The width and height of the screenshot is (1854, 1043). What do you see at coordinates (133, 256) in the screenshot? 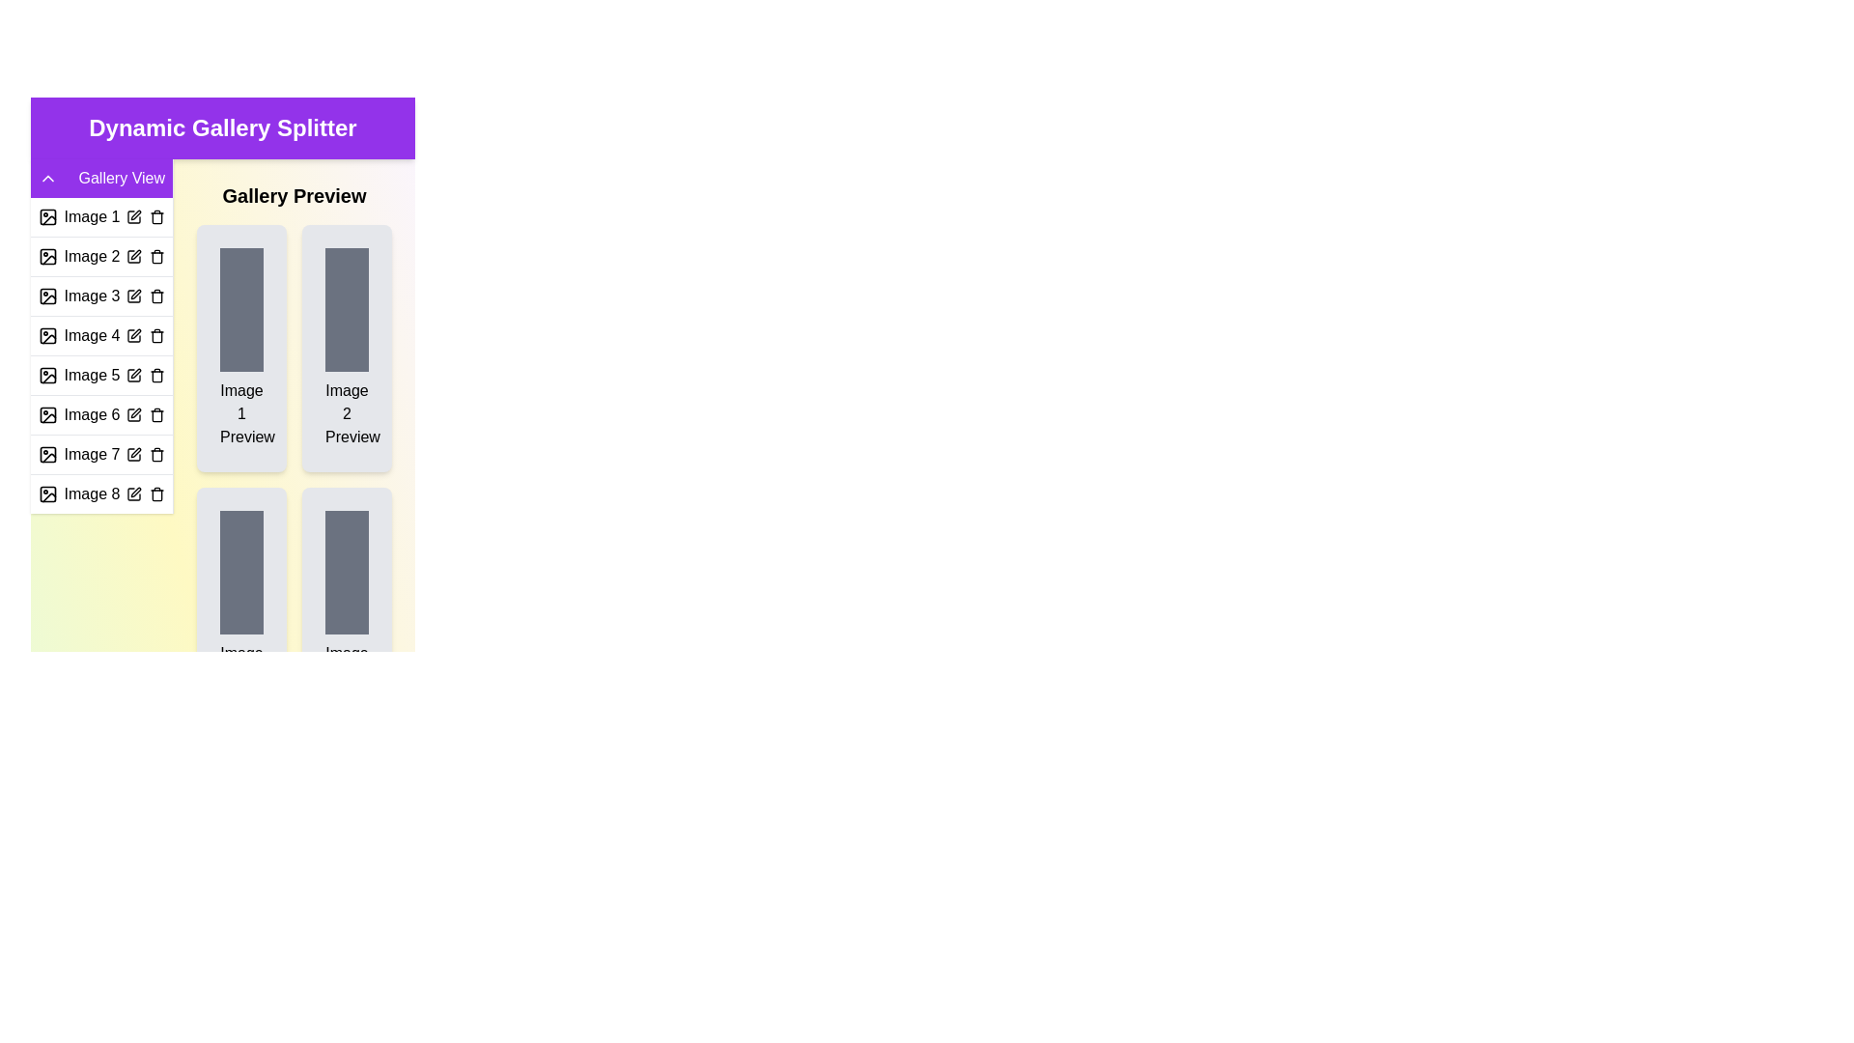
I see `the pen icon button located next to 'Image 2' in the Gallery View to initiate editing` at bounding box center [133, 256].